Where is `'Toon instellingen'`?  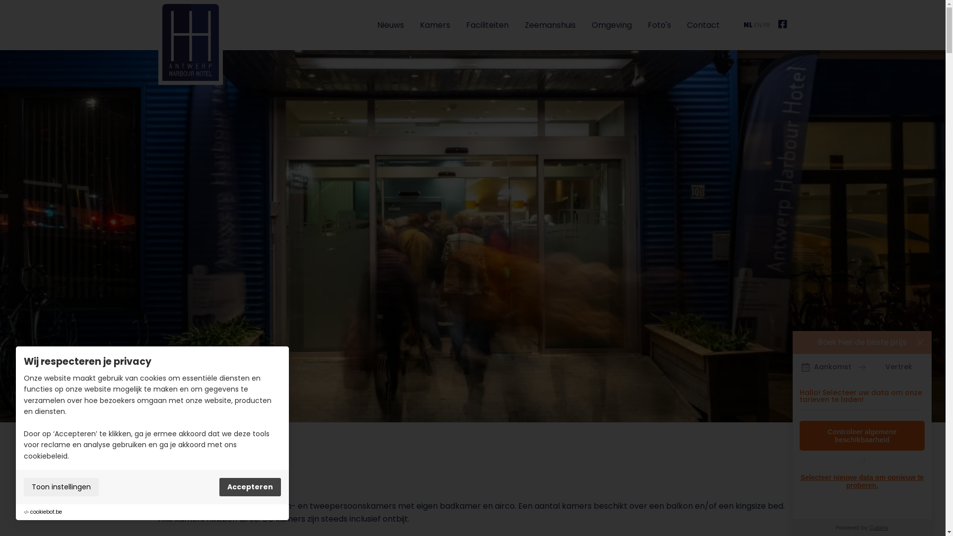 'Toon instellingen' is located at coordinates (61, 486).